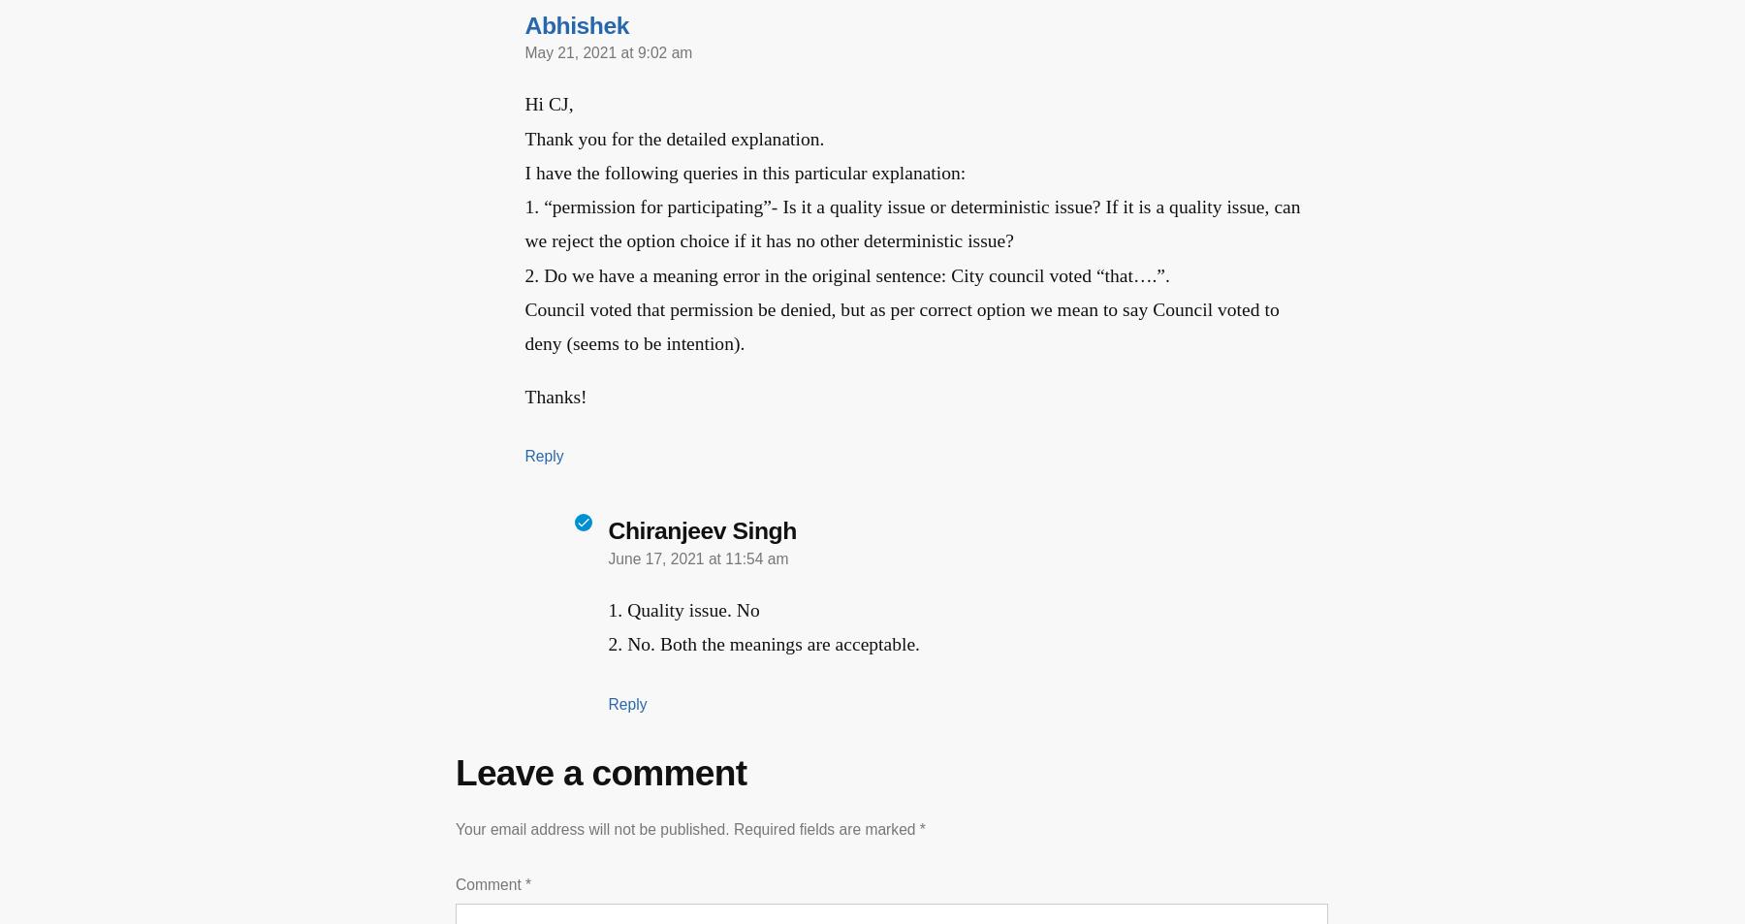 This screenshot has width=1745, height=924. I want to click on 'Leave a comment', so click(592, 771).